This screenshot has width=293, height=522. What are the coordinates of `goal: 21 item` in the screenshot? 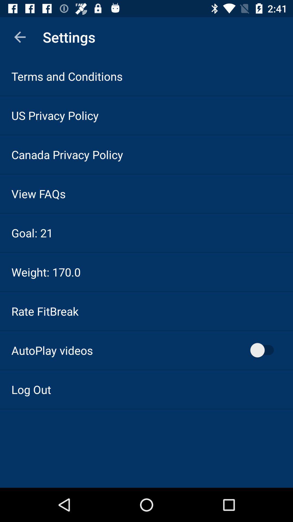 It's located at (32, 233).